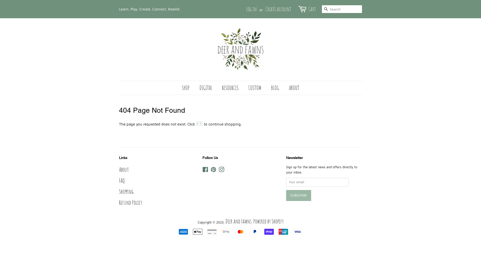 This screenshot has width=481, height=270. Describe the element at coordinates (126, 191) in the screenshot. I see `'Shipping'` at that location.